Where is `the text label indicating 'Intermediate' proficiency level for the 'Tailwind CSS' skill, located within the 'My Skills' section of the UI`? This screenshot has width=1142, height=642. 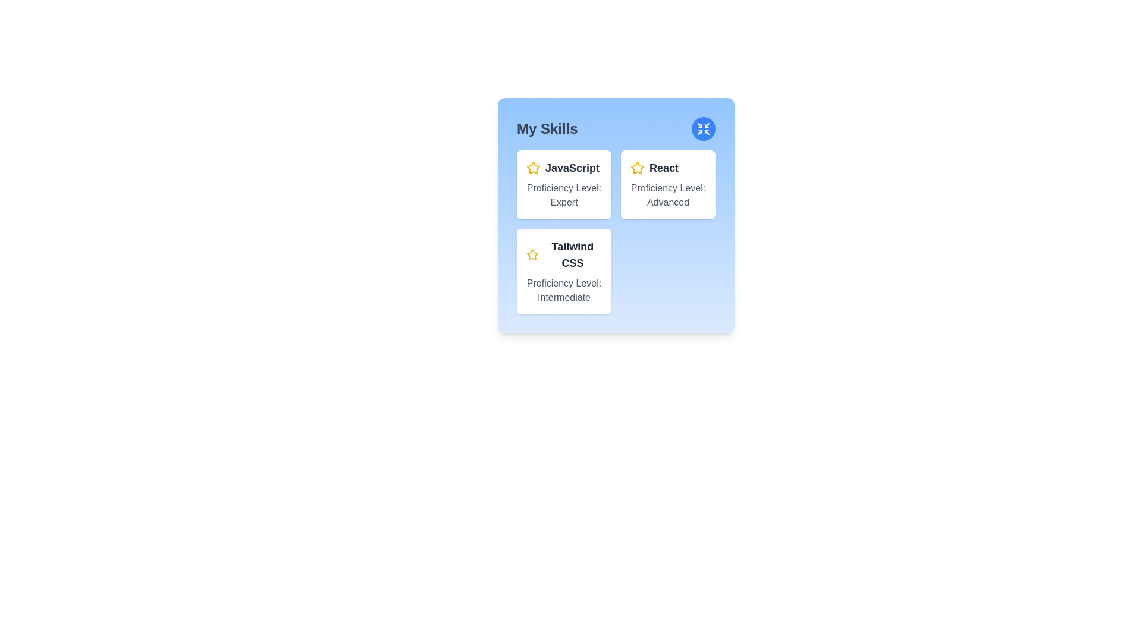 the text label indicating 'Intermediate' proficiency level for the 'Tailwind CSS' skill, located within the 'My Skills' section of the UI is located at coordinates (563, 291).